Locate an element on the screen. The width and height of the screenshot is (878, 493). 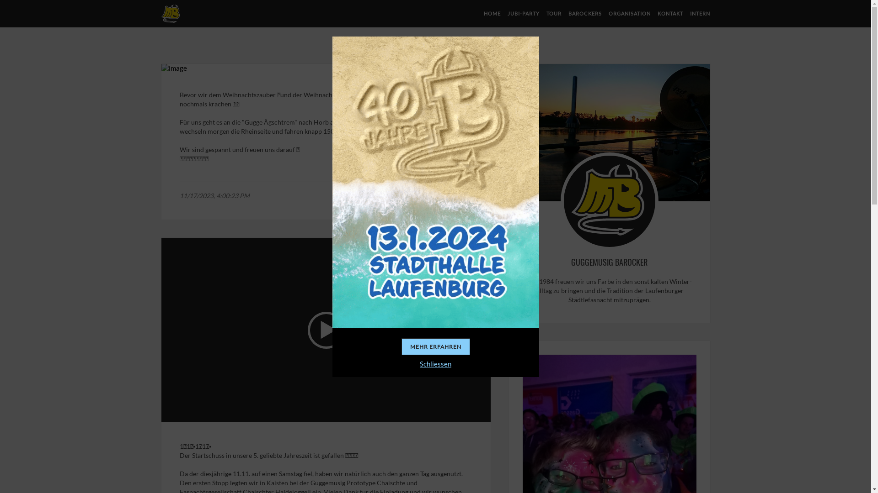
'INTERN' is located at coordinates (699, 13).